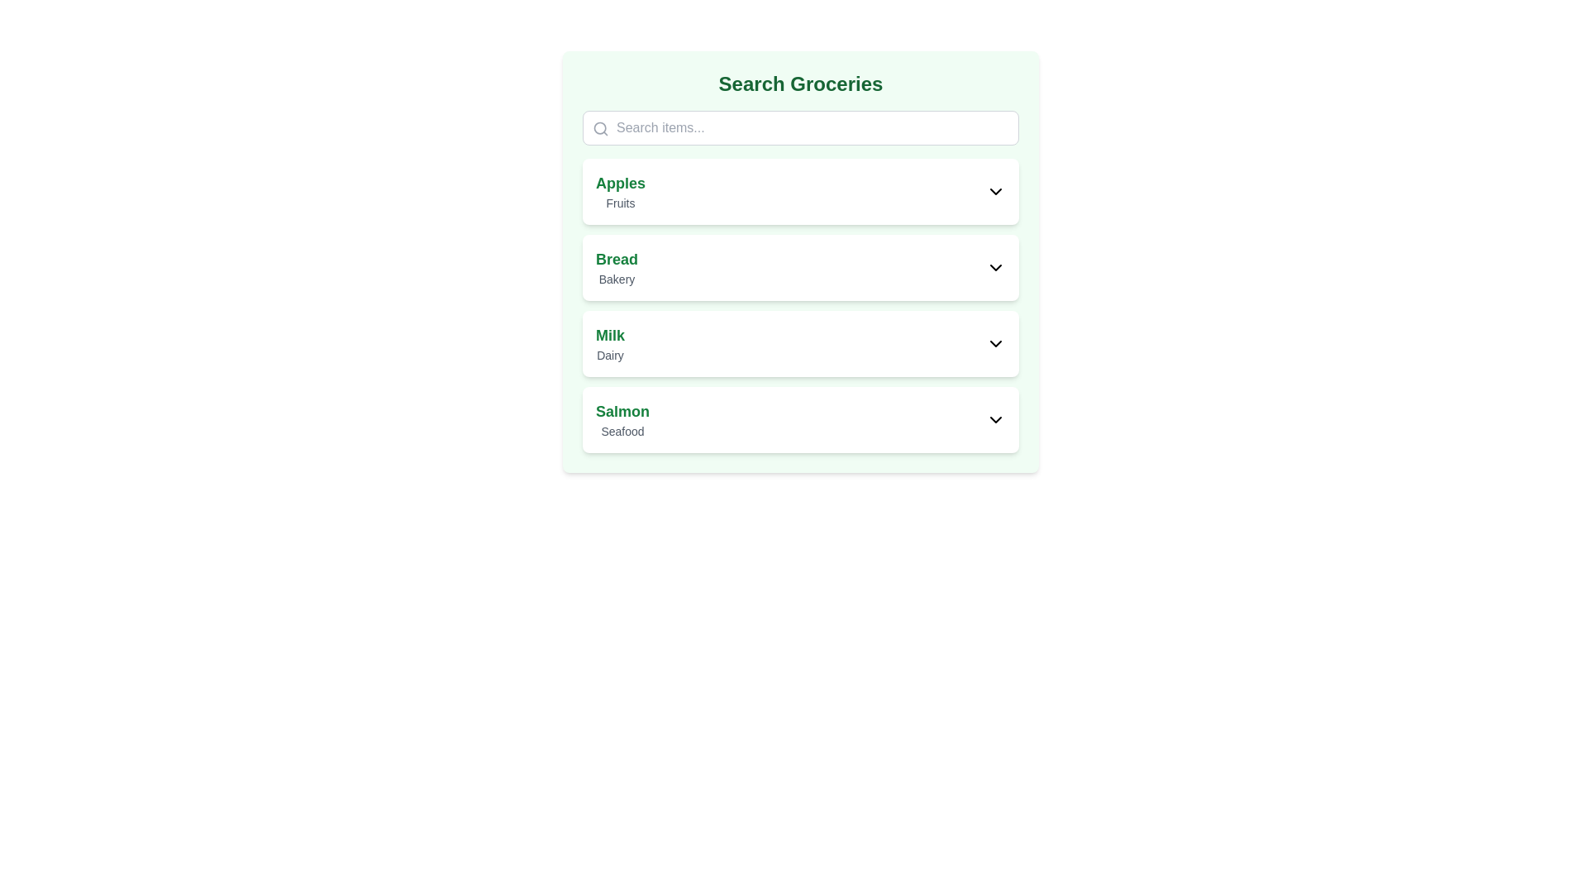 The image size is (1587, 893). What do you see at coordinates (599, 127) in the screenshot?
I see `the magnifying glass icon that represents search functionality, located at the top left of the search bar, adjacent to its placeholder text` at bounding box center [599, 127].